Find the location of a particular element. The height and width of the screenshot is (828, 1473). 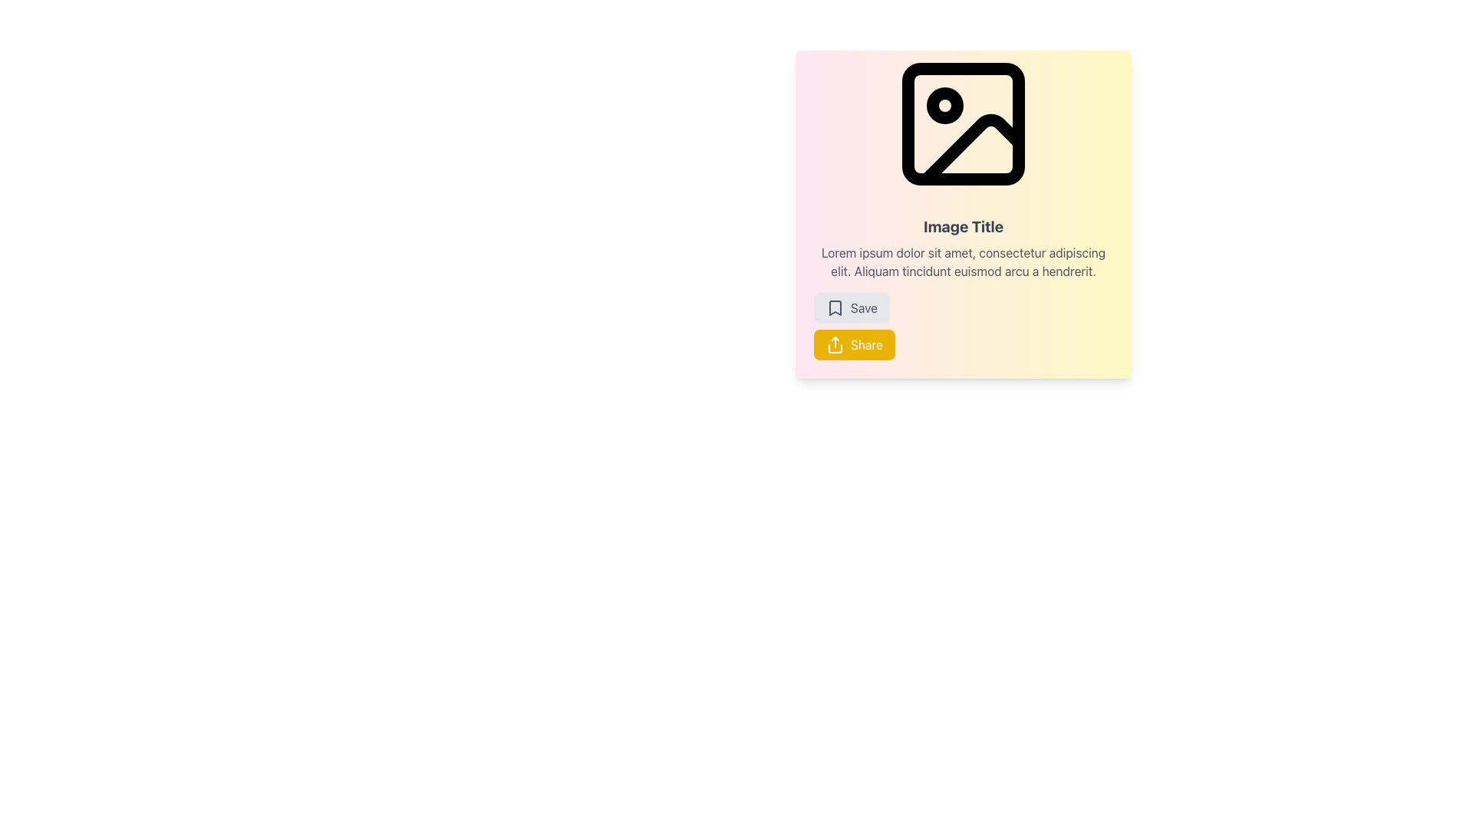

the 'Share' text label, which is styled in bold white text on a yellow rectangular background, located towards the bottom-right corner of the card layout, adjacent to the sharing icon is located at coordinates (866, 345).